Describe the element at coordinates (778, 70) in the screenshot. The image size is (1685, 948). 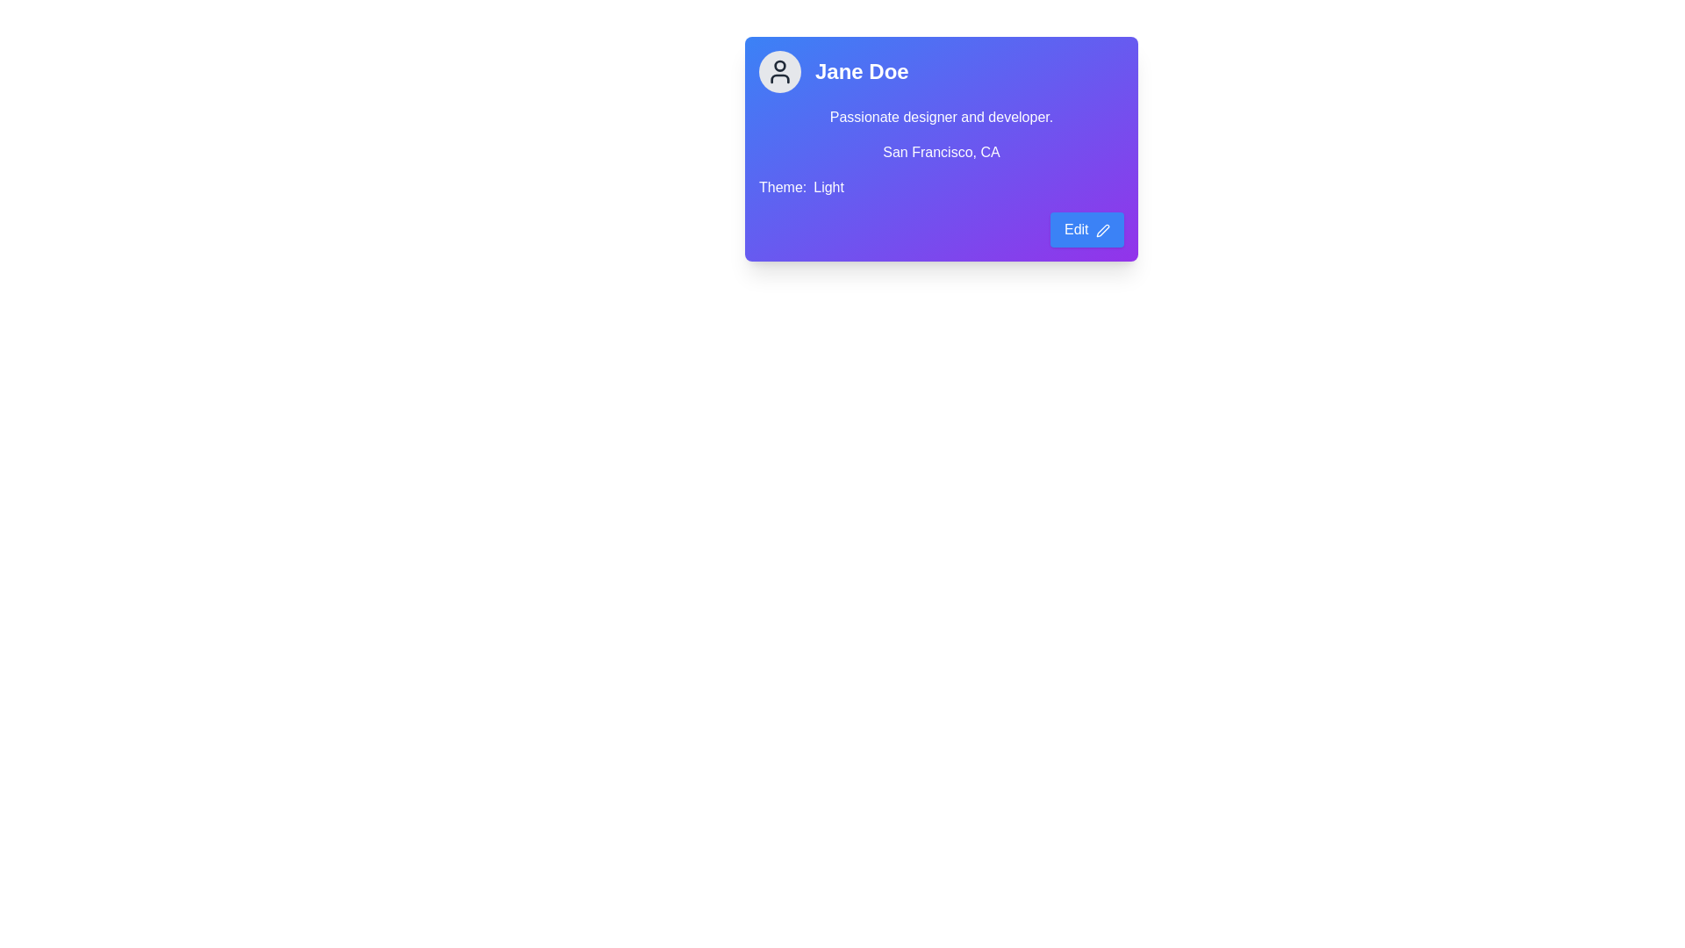
I see `the Avatar Icon, which is a circular UI component with a light gray background and a dark gray user silhouette, located at the top-left corner of the card, to the left of 'Jane Doe'` at that location.